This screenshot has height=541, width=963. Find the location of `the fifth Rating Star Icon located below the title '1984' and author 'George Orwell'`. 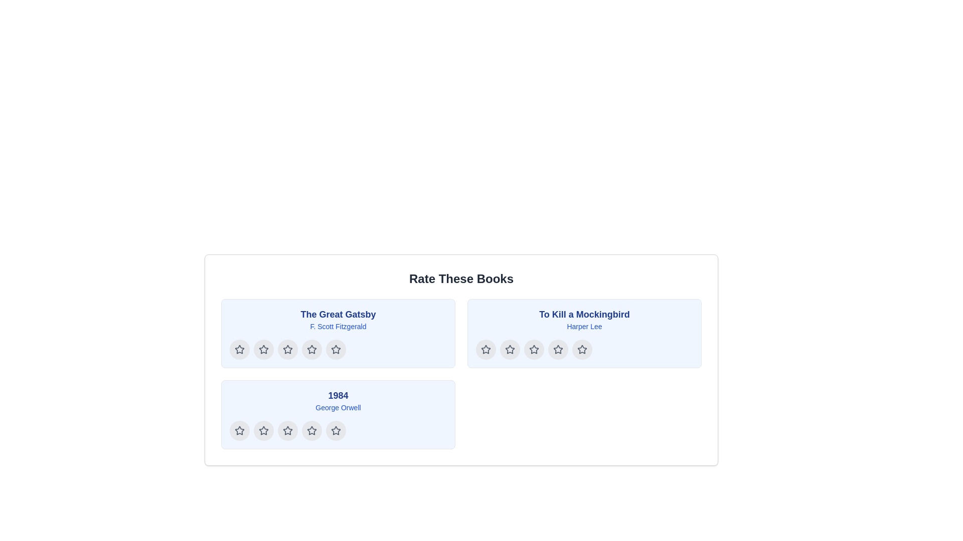

the fifth Rating Star Icon located below the title '1984' and author 'George Orwell' is located at coordinates (287, 430).